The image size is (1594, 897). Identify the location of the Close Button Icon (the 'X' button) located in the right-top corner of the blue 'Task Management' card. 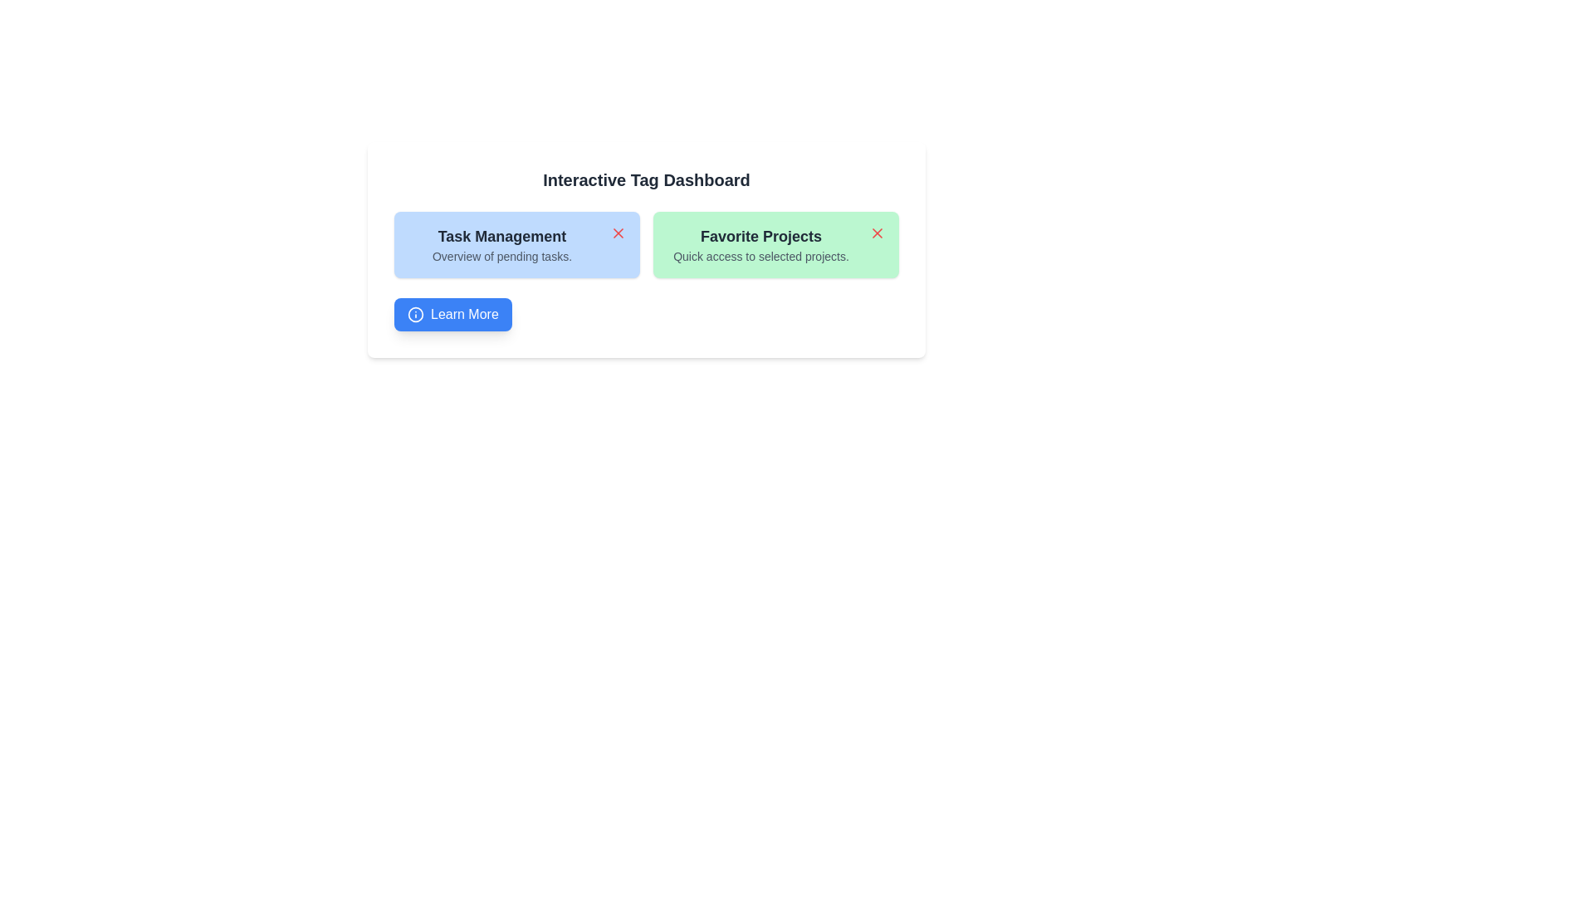
(617, 233).